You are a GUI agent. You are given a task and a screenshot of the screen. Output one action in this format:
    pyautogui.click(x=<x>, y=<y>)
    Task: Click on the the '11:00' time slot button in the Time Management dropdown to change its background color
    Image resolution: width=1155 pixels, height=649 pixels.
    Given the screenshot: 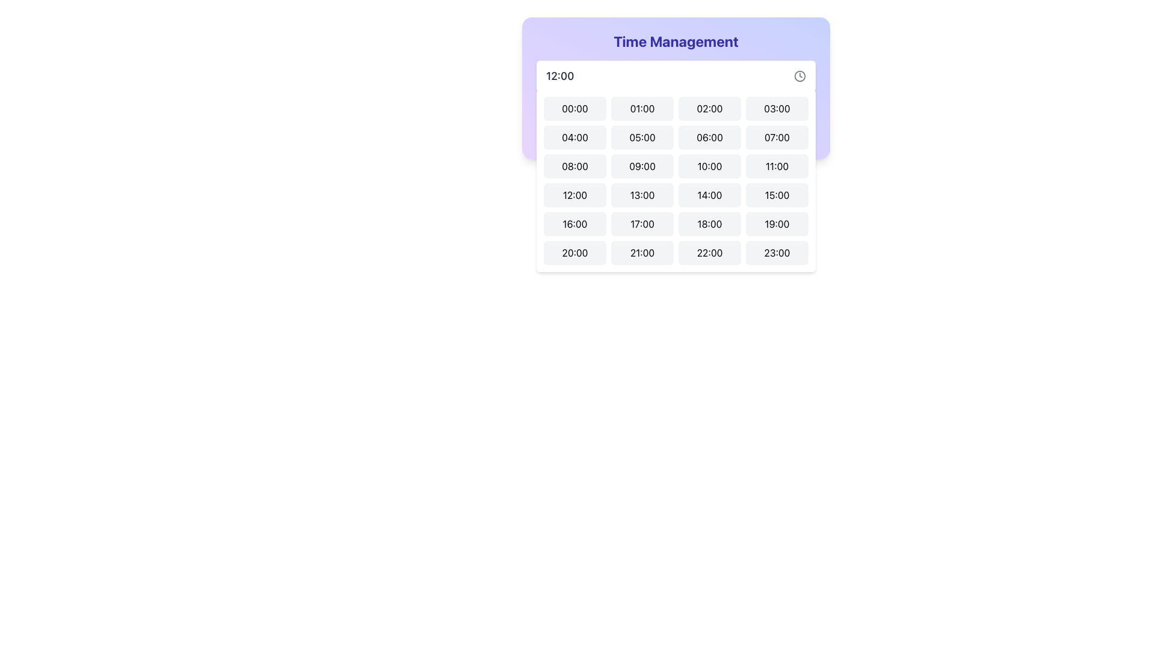 What is the action you would take?
    pyautogui.click(x=777, y=166)
    